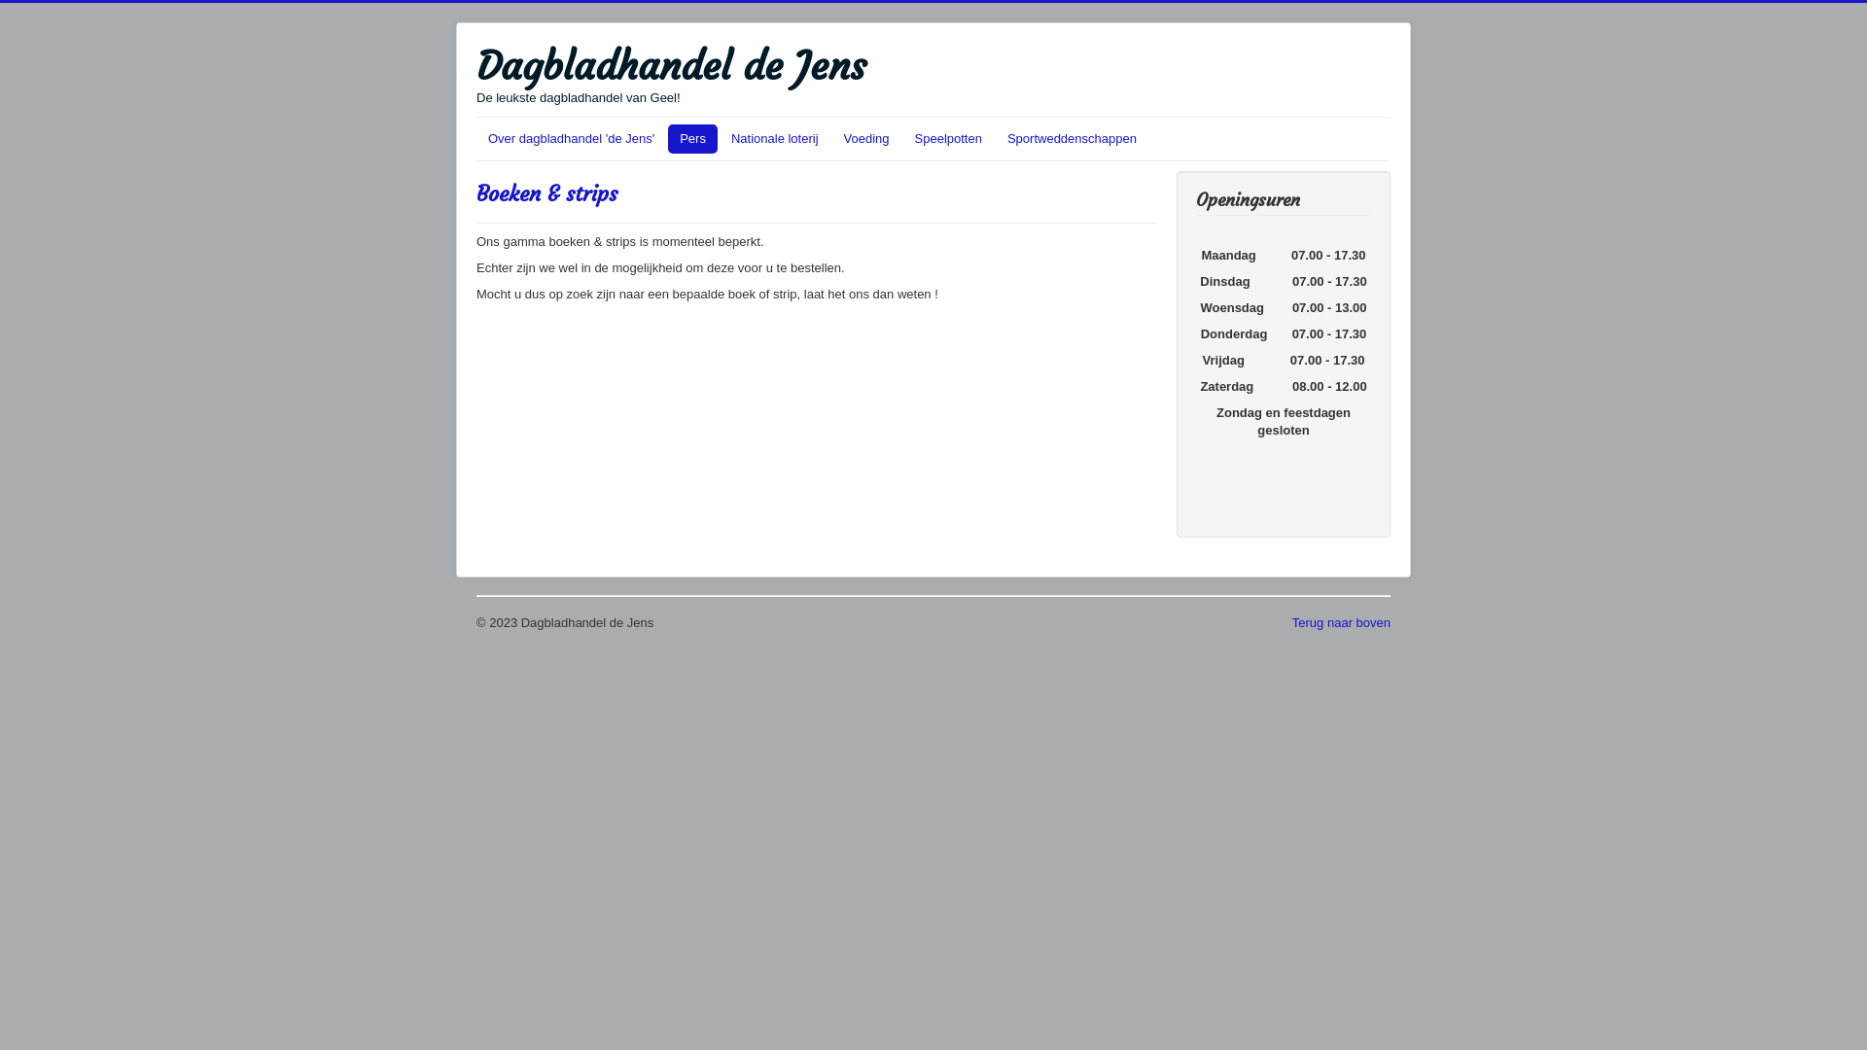 This screenshot has height=1050, width=1867. What do you see at coordinates (1292, 622) in the screenshot?
I see `'Terug naar boven'` at bounding box center [1292, 622].